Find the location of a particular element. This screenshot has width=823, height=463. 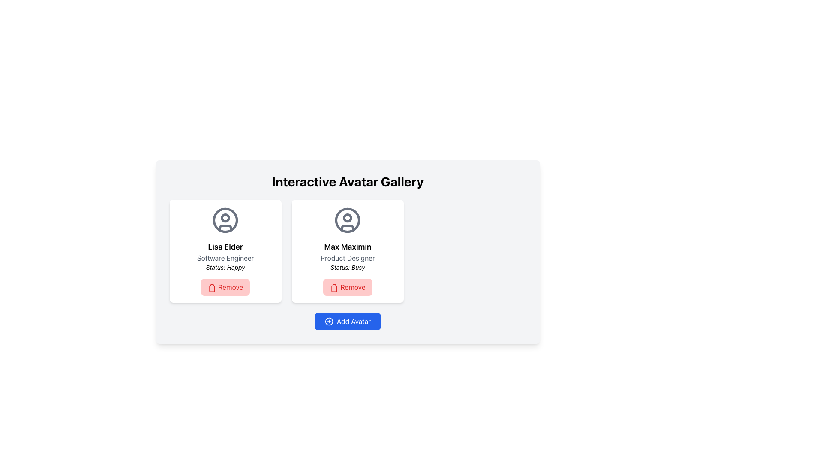

and copy the text from the gray text label displaying 'Product Designer', which is located below the name 'Max Maximin' in the profile card is located at coordinates (348, 257).